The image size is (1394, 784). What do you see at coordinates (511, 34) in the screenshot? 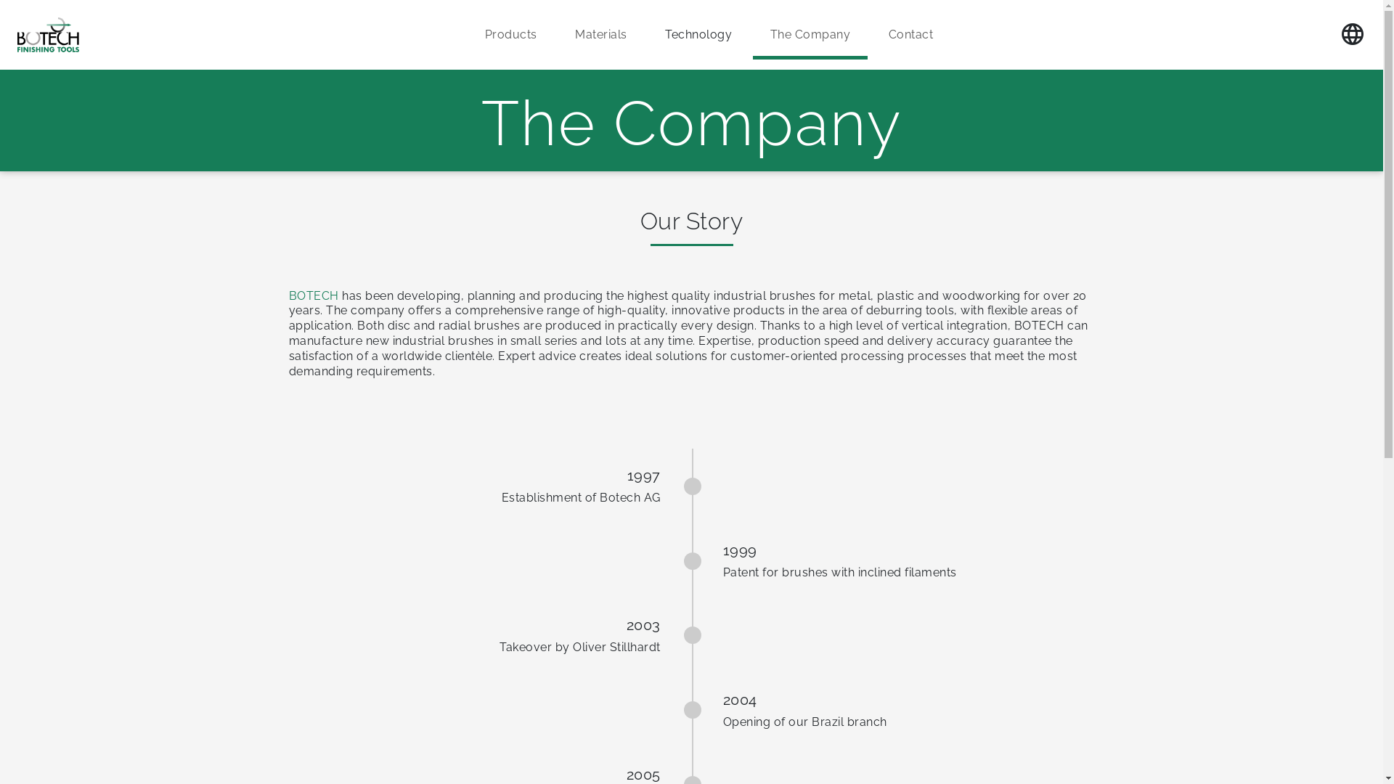
I see `'Products'` at bounding box center [511, 34].